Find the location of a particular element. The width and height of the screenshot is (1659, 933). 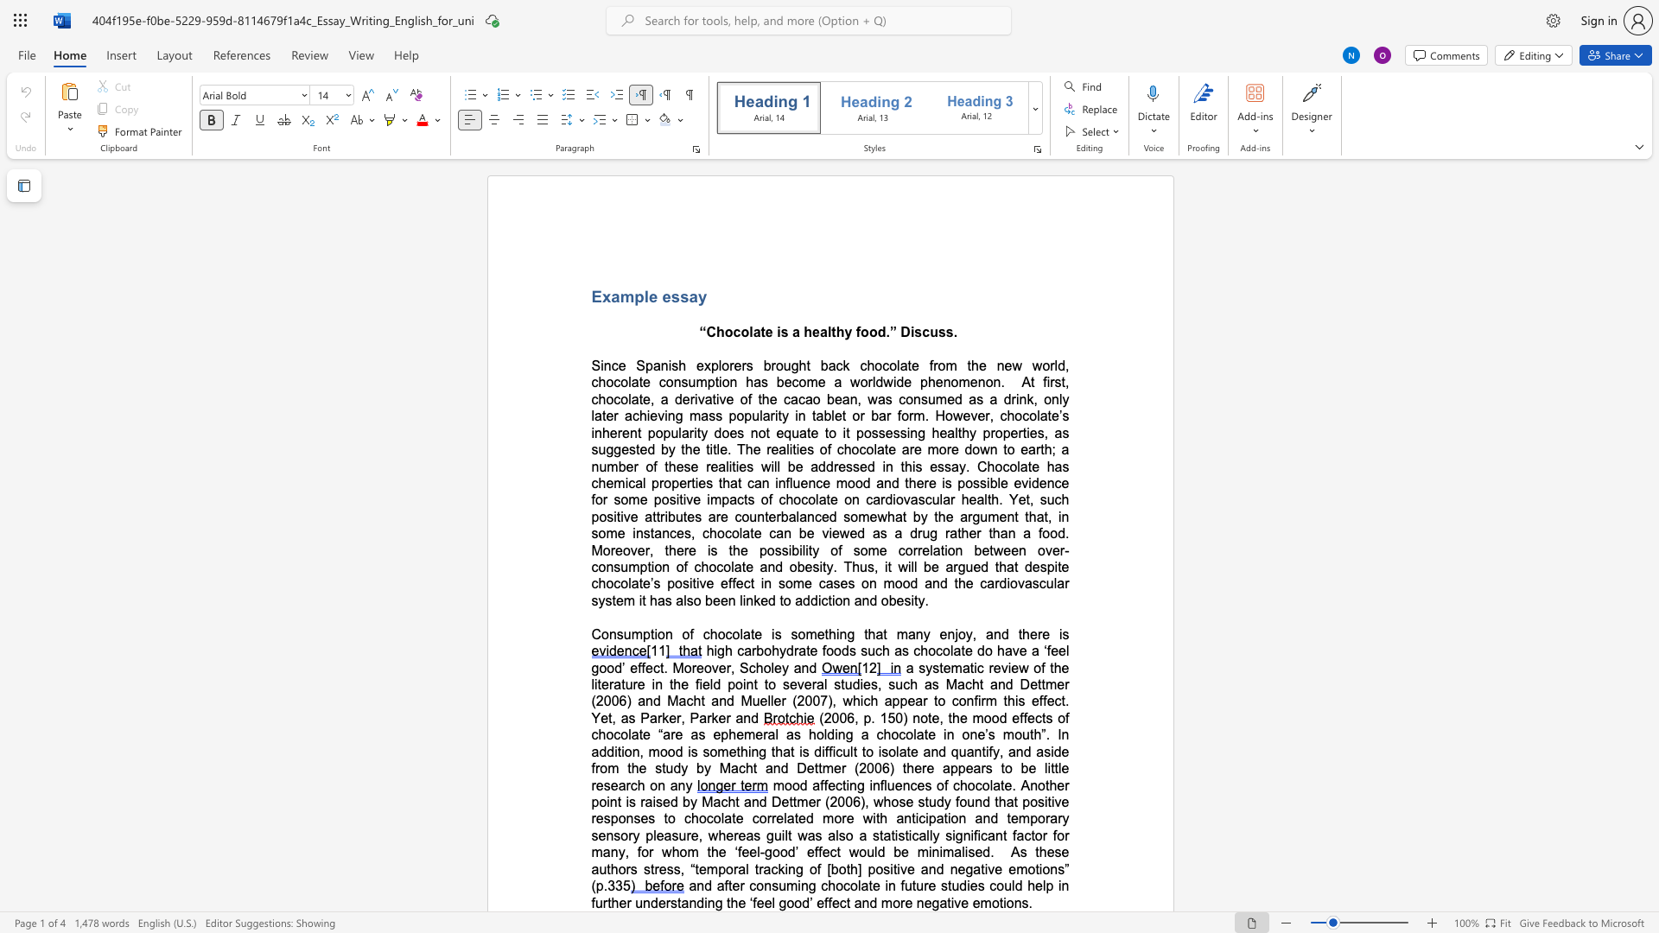

the subset text "’s inherent popularity d" within the text "At first, chocolate, a derivative of the cacao bean, was consumed as a drink, only later achieving mass popularity in tablet or bar form. However, chocolate’s inherent popularity does not equate to it" is located at coordinates (1058, 416).